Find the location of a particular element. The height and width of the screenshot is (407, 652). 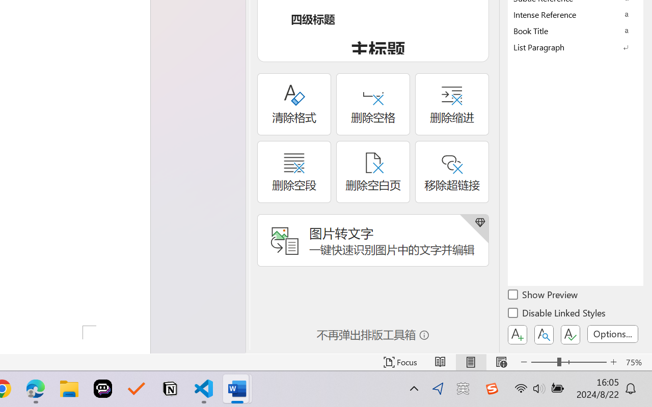

'Zoom In' is located at coordinates (613, 362).